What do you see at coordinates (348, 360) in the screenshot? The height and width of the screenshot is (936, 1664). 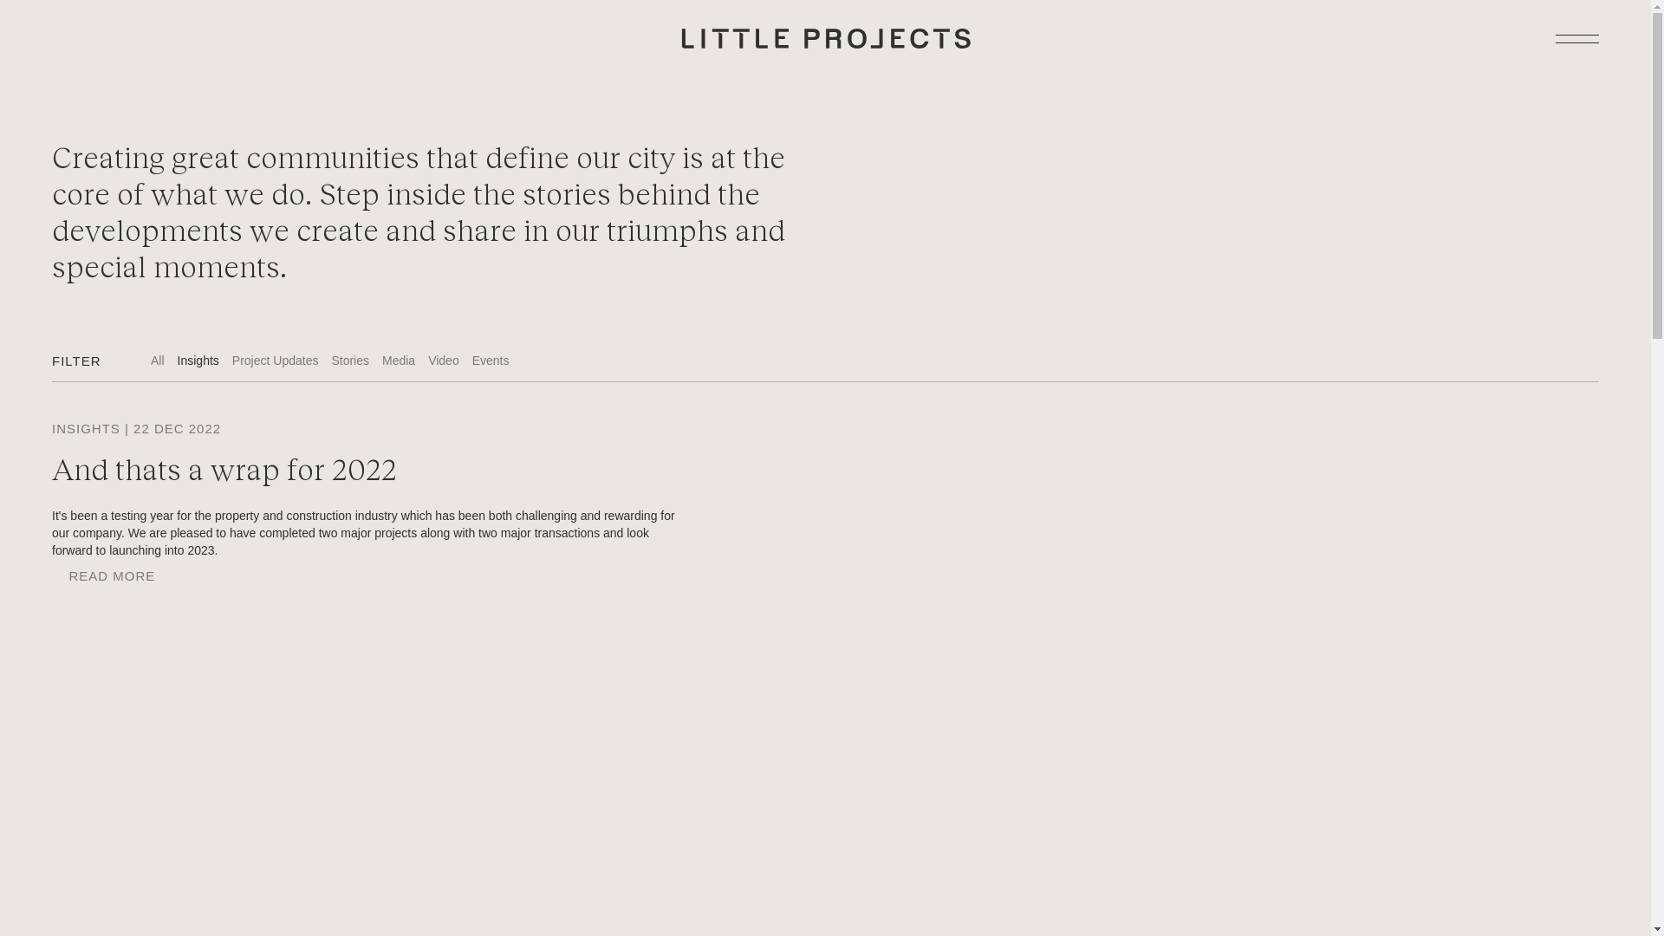 I see `'Stories'` at bounding box center [348, 360].